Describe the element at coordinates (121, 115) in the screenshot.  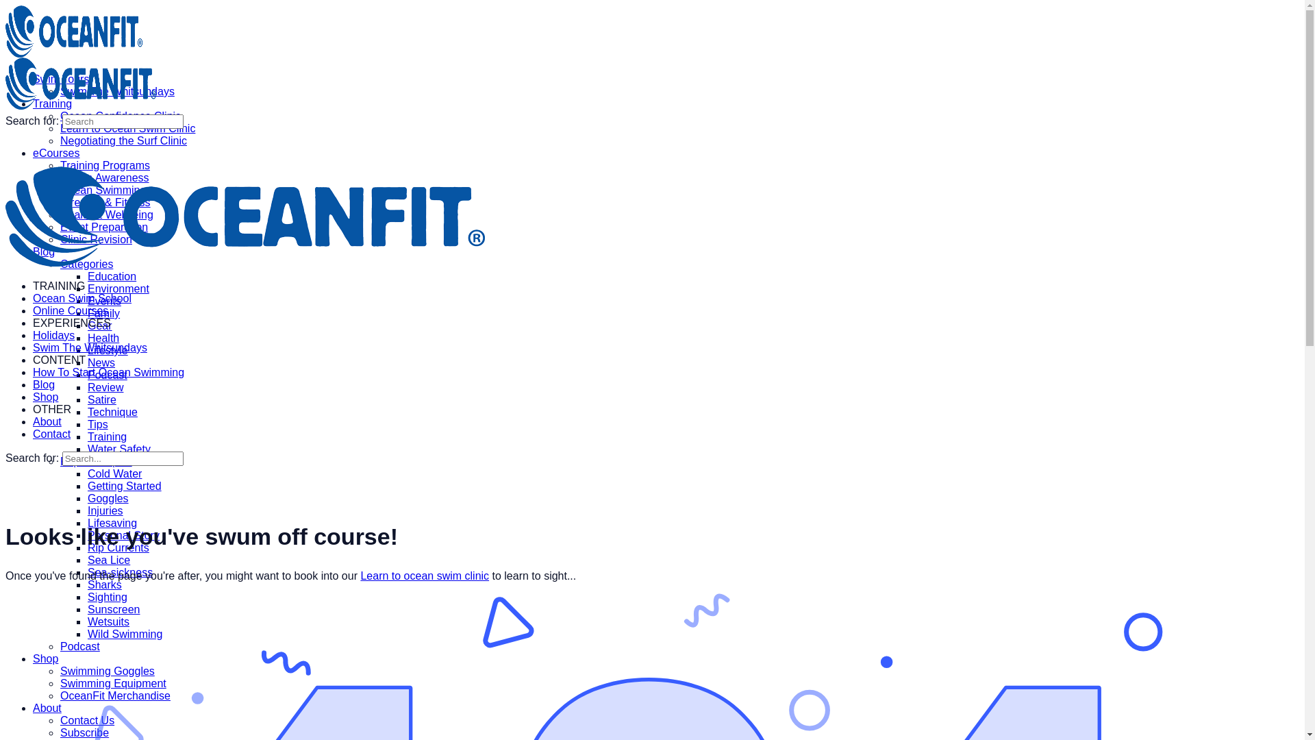
I see `'Ocean Confidence Clinic'` at that location.